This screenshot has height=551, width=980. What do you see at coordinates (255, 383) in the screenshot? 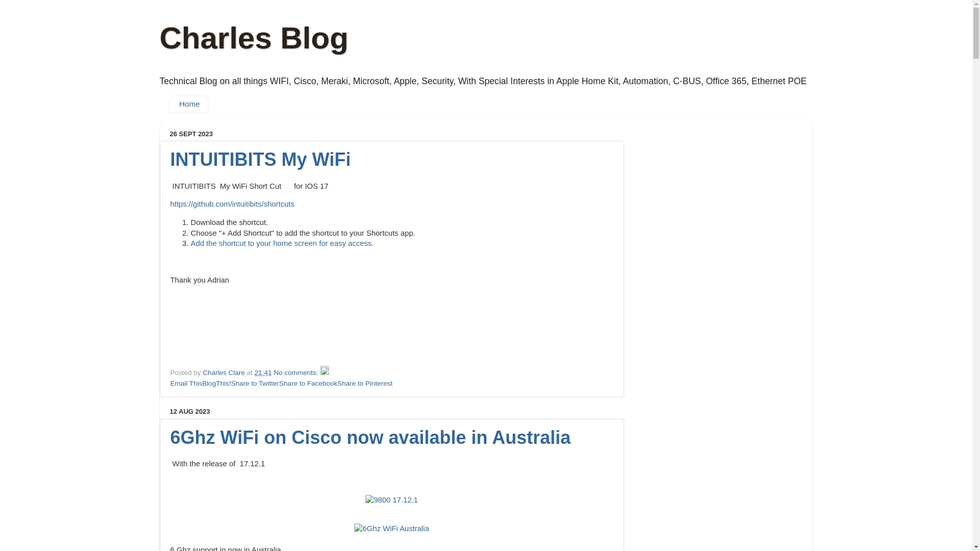
I see `'Share to Twitter'` at bounding box center [255, 383].